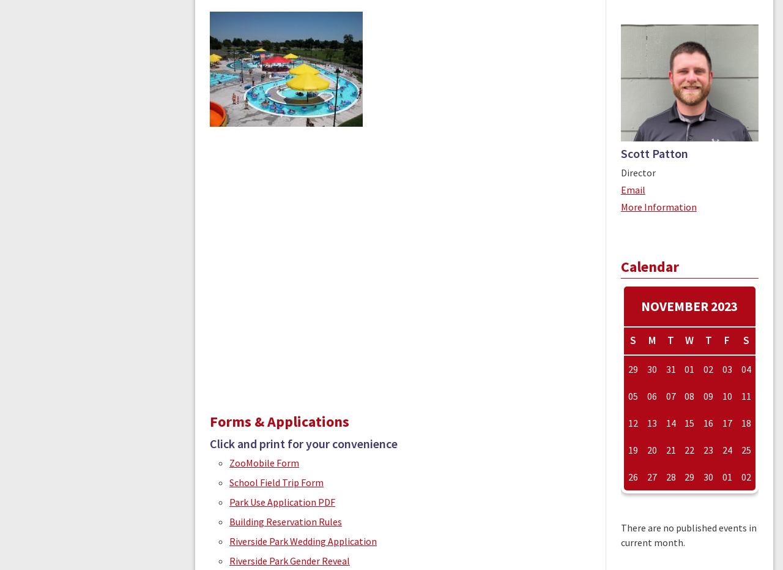 The height and width of the screenshot is (570, 783). Describe the element at coordinates (744, 396) in the screenshot. I see `'11'` at that location.